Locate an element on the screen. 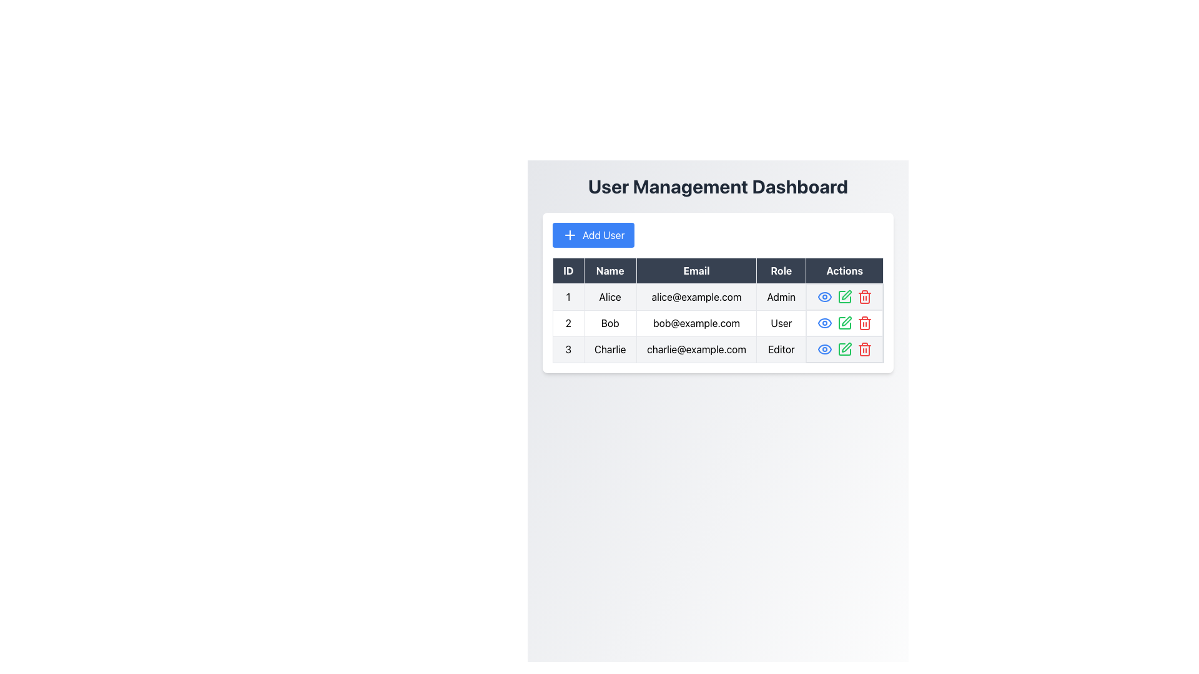 The height and width of the screenshot is (674, 1199). the third row of the user table, which contains the user's ID, name, email, role, and actions is located at coordinates (718, 349).